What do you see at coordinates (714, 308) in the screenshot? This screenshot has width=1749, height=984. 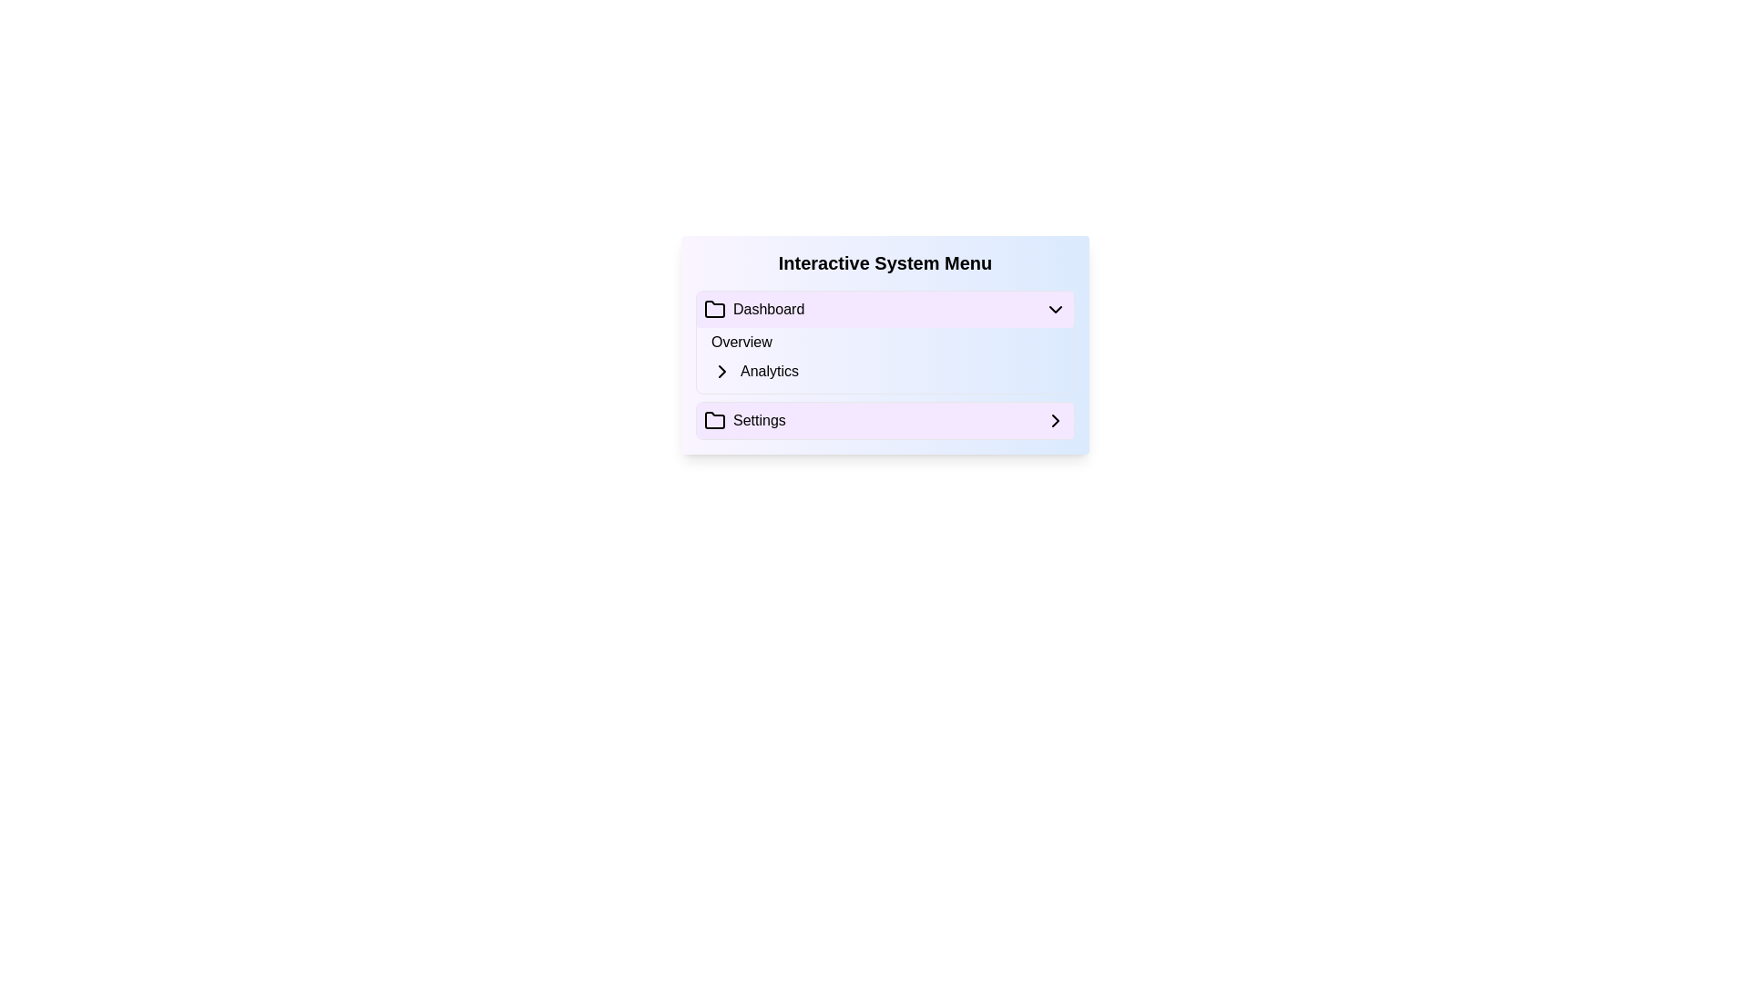 I see `the folder icon representing the 'Dashboard' menu option, which is located on the left side of the 'Dashboard' option in the menu` at bounding box center [714, 308].